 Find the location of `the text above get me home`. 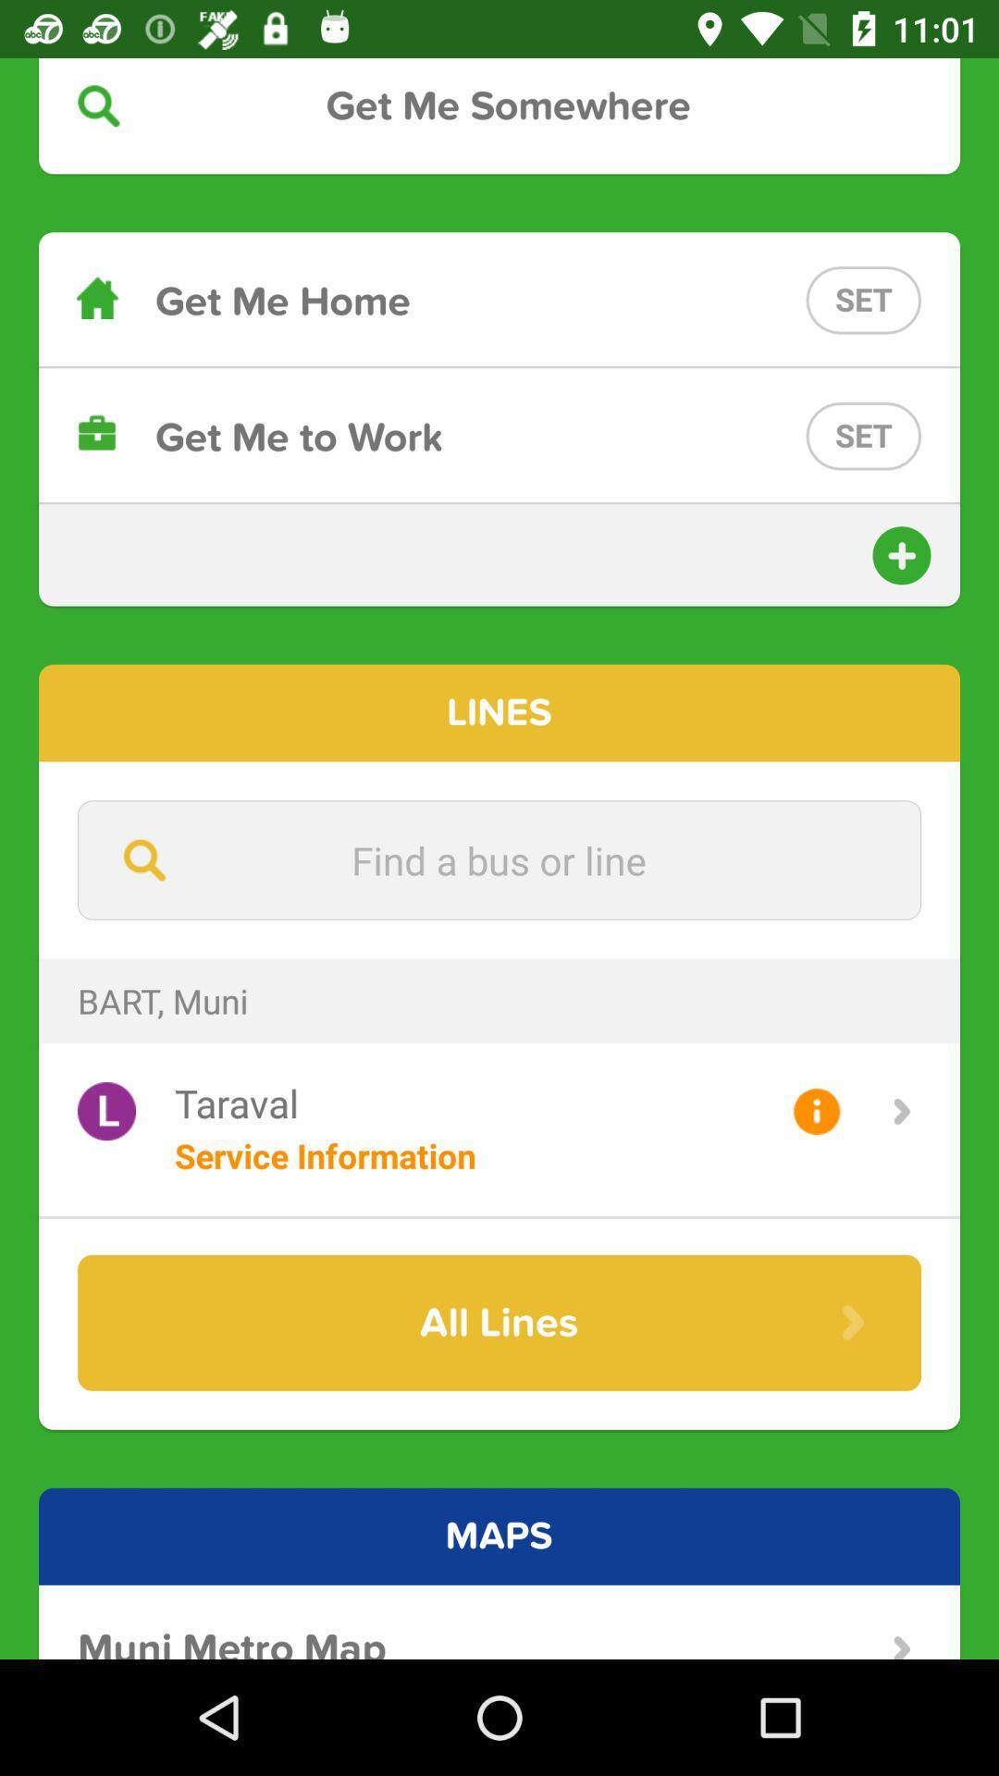

the text above get me home is located at coordinates (499, 105).